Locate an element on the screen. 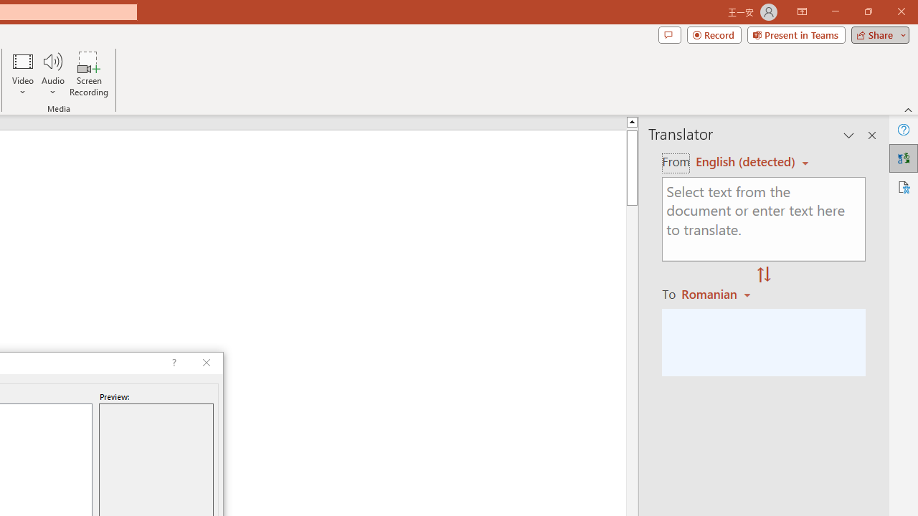  'Video' is located at coordinates (23, 74).